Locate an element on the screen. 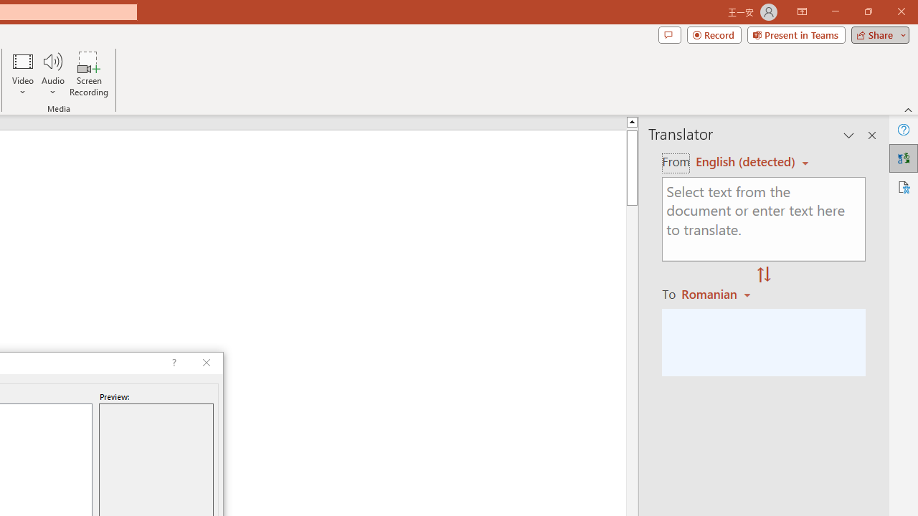  'Video' is located at coordinates (23, 74).